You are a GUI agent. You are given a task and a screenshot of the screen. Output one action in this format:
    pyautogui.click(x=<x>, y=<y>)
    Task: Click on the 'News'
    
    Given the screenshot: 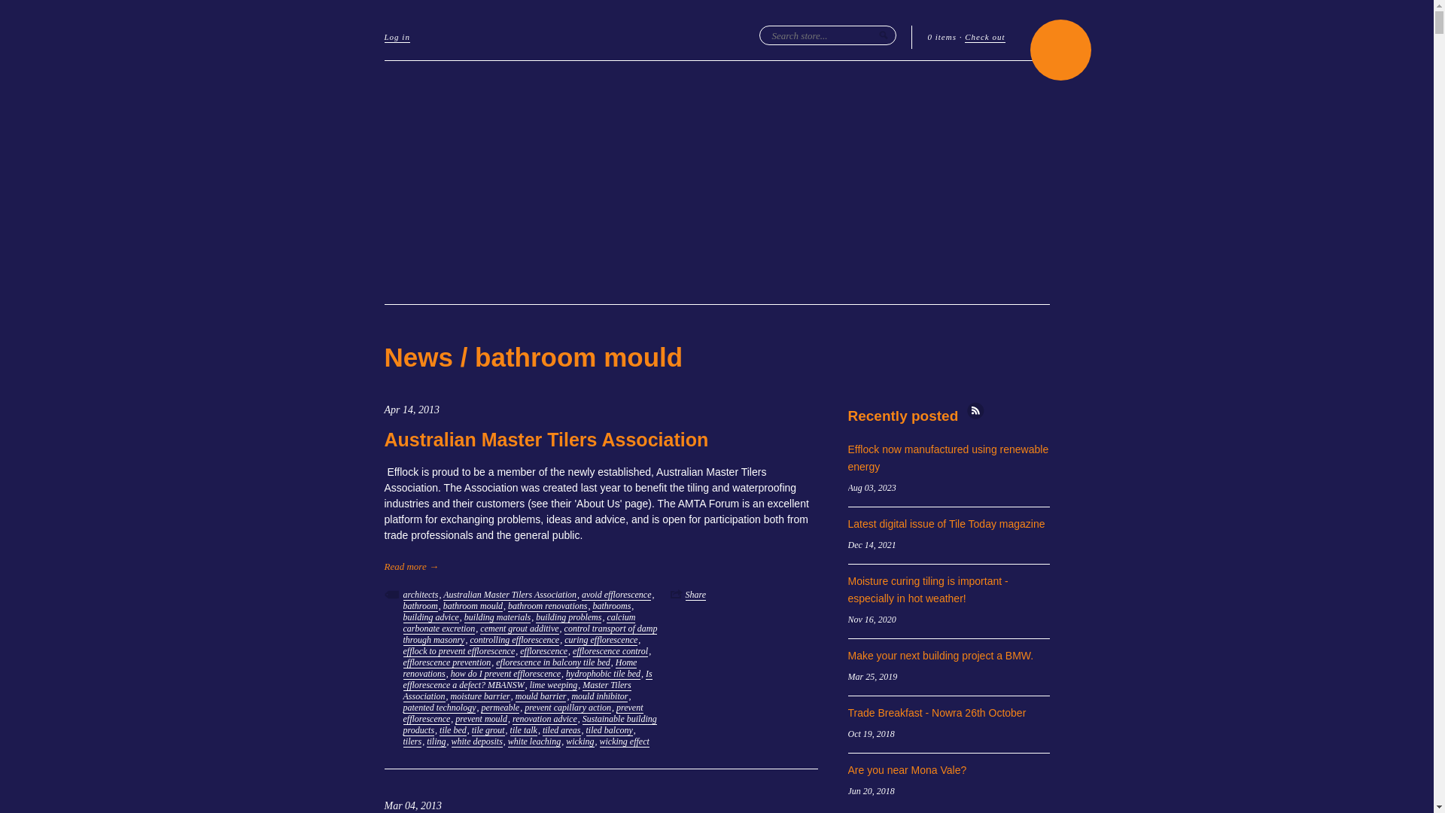 What is the action you would take?
    pyautogui.click(x=418, y=357)
    